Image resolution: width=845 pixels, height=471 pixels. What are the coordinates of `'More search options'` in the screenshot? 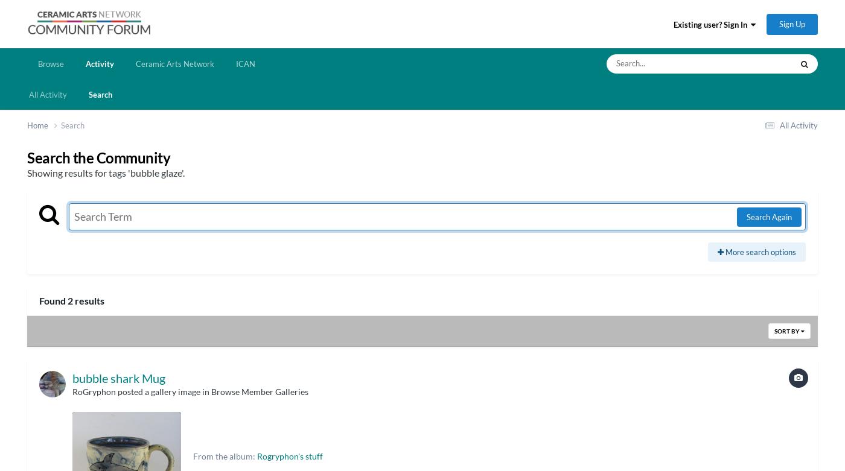 It's located at (723, 251).